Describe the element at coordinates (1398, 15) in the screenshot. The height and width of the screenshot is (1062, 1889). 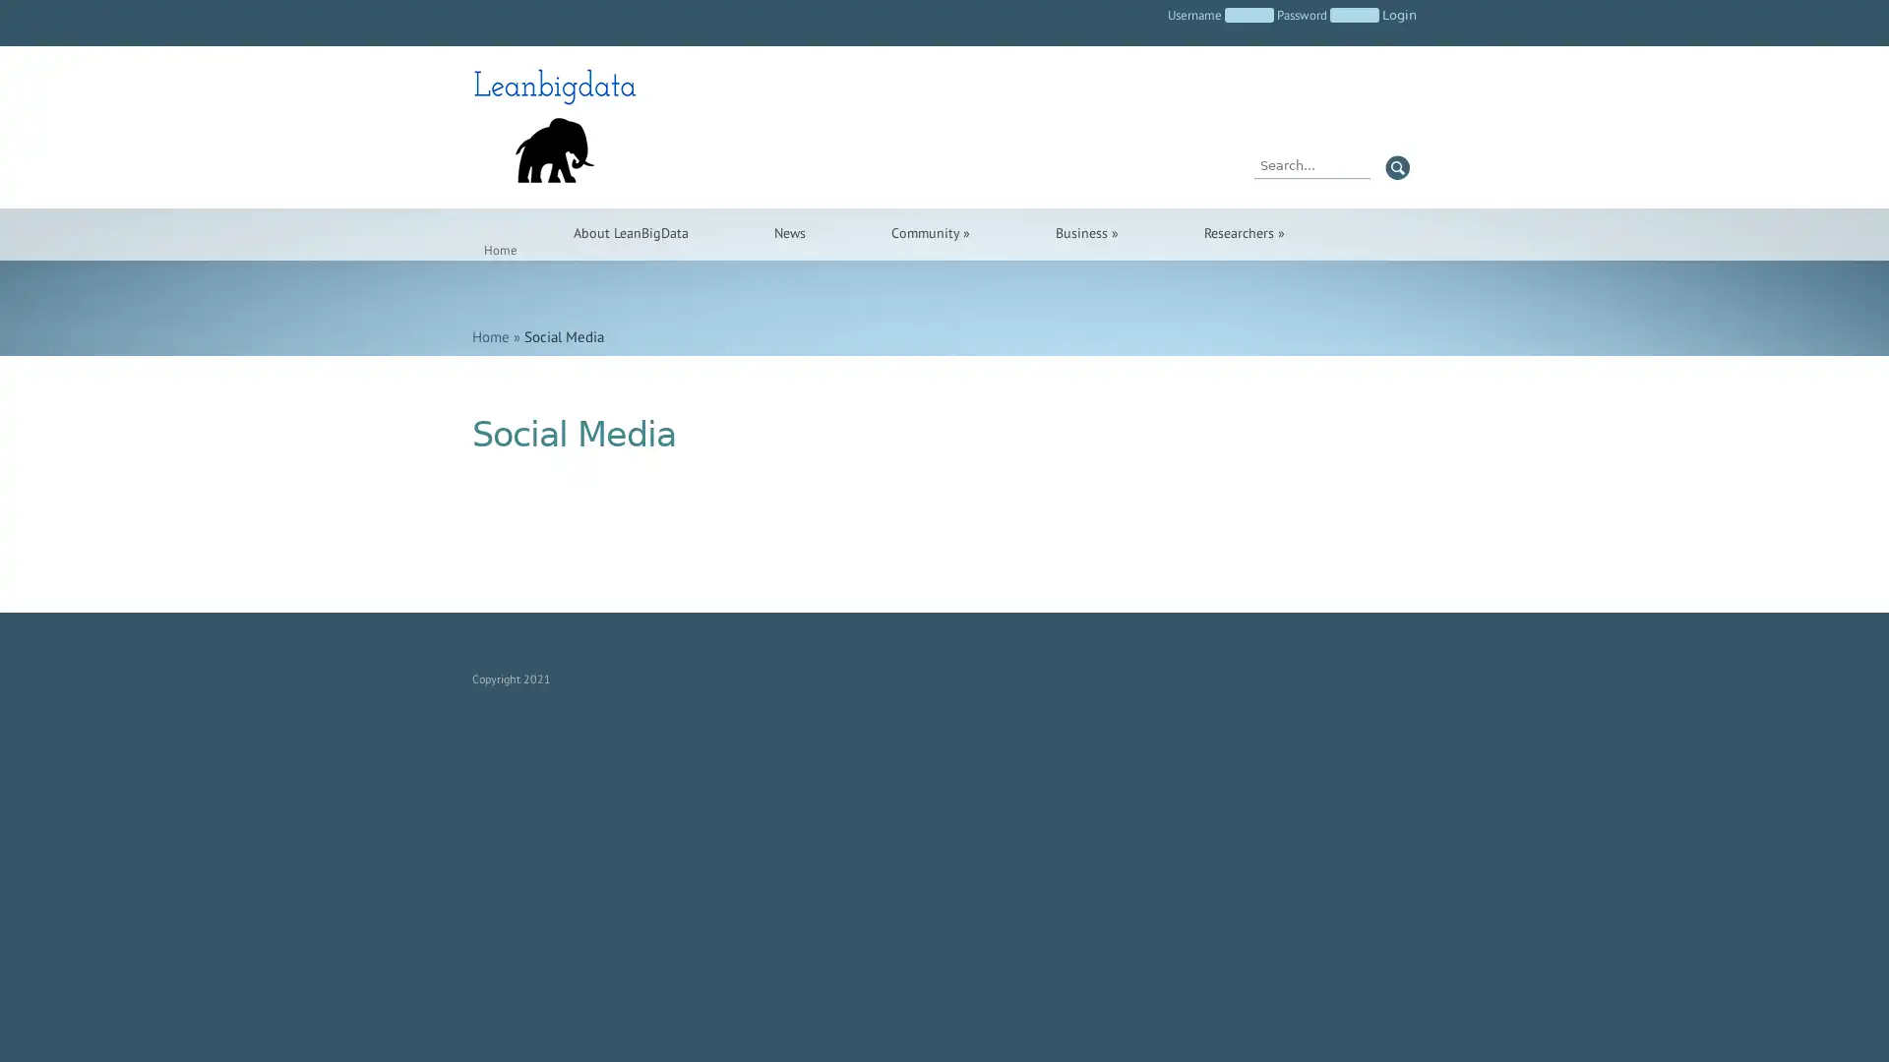
I see `Login` at that location.